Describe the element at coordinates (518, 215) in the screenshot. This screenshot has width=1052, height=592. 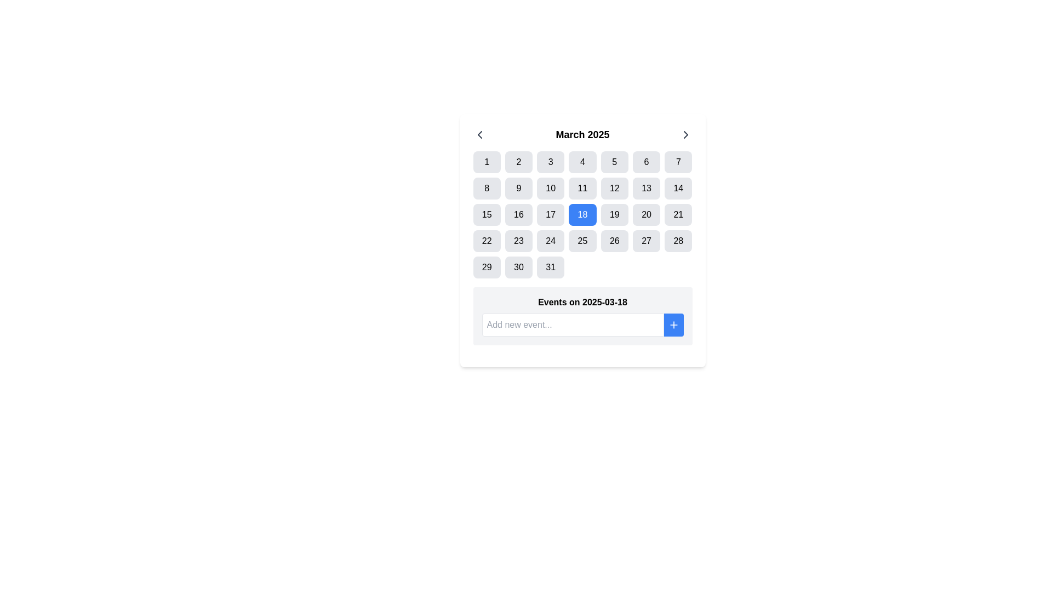
I see `the selectable date option button located` at that location.